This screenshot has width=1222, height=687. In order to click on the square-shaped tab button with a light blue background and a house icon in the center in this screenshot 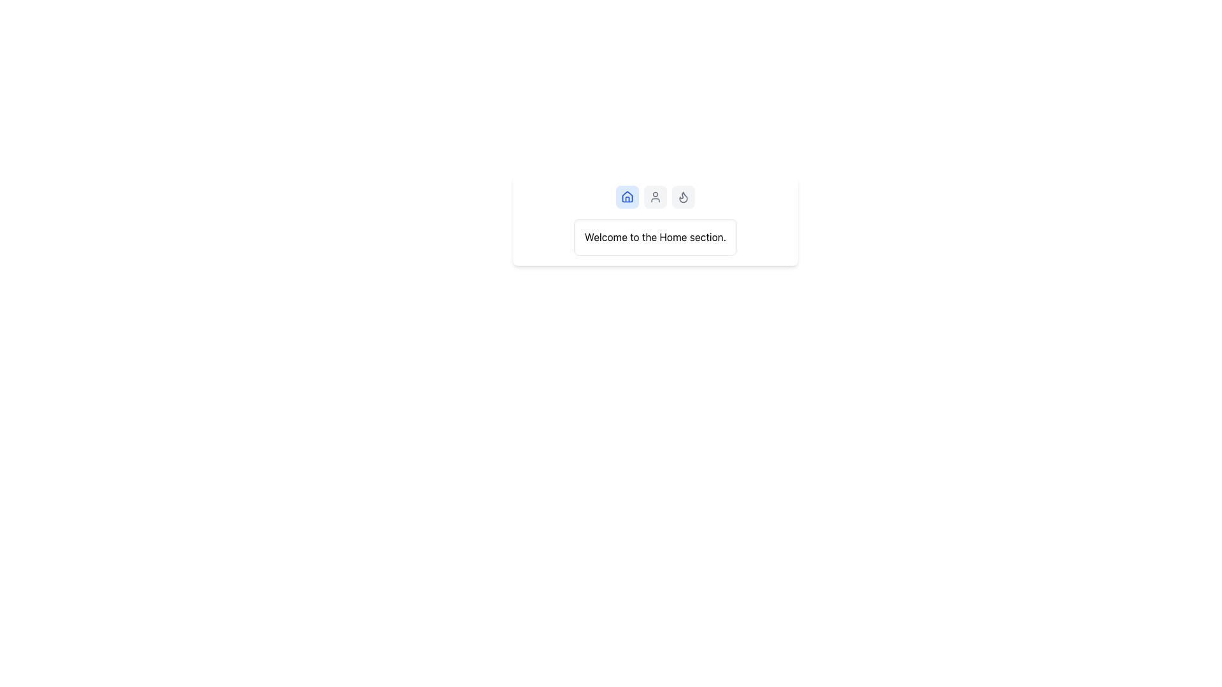, I will do `click(627, 197)`.